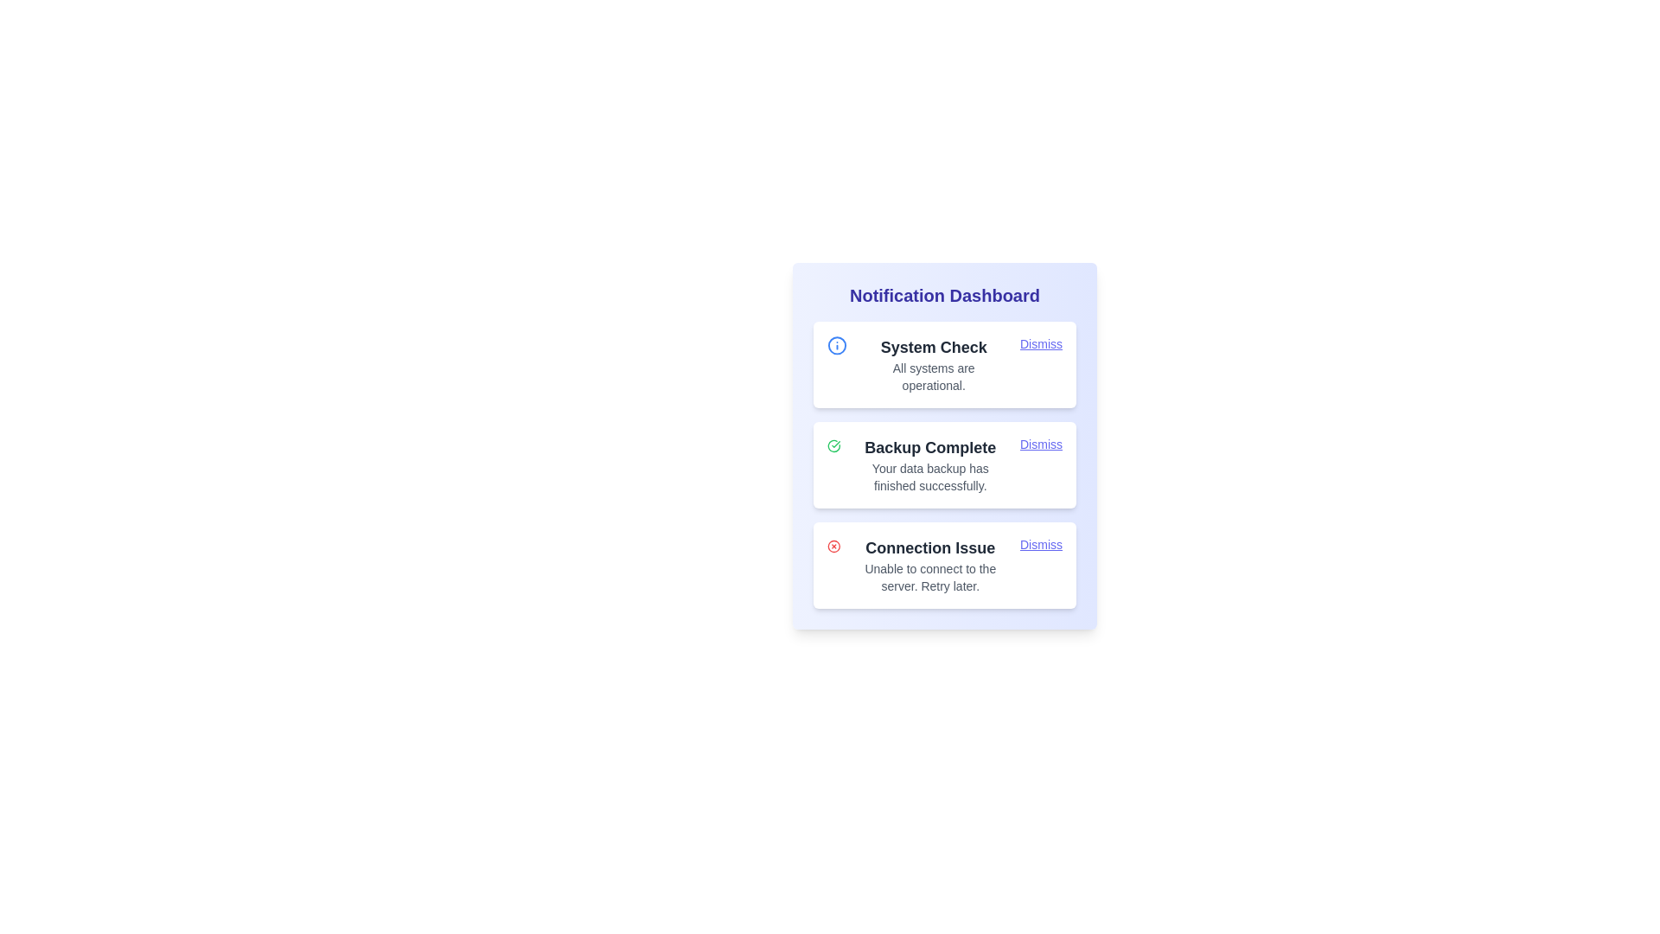 This screenshot has width=1660, height=934. Describe the element at coordinates (929, 446) in the screenshot. I see `the Text Label indicating the completion status of the backup process in the middle notification of the Notification Dashboard` at that location.